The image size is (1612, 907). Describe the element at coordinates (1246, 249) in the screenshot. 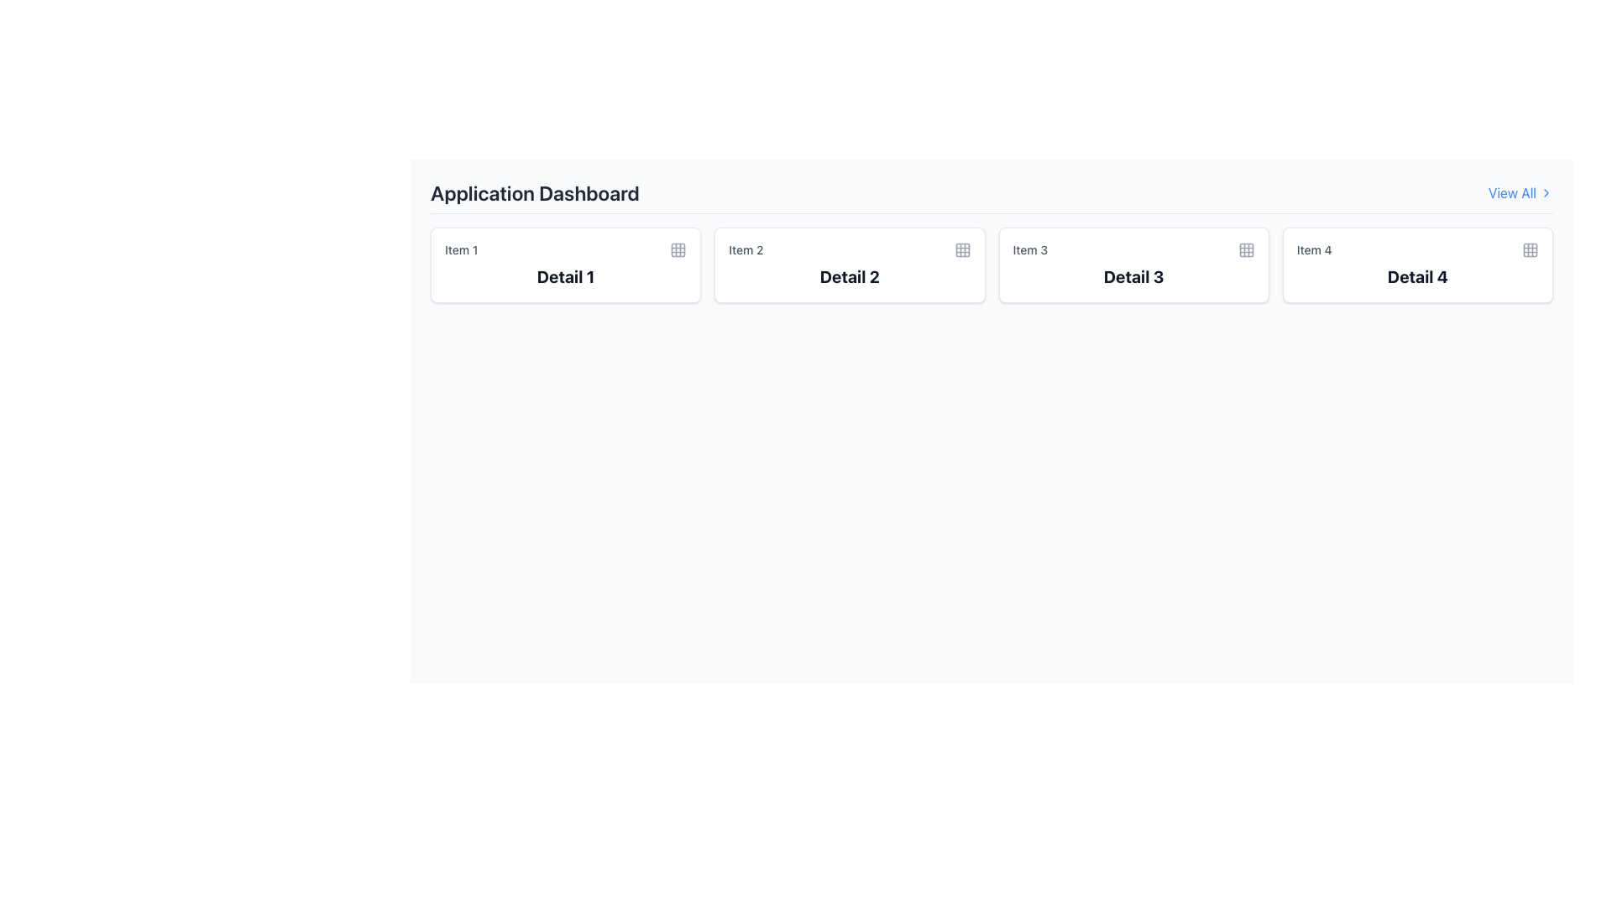

I see `the top-left cell of the 3x3 grid structure represented by a rounded rectangle within the SVG grid icon, located next to the 'Detail 3' label` at that location.